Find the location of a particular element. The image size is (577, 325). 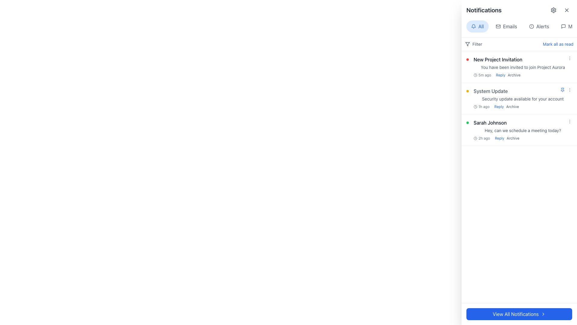

the text element that reads 'Hey, can we schedule a meeting today?', which is styled in a smaller gray font and positioned under 'Sarah Johnson' and above the interaction options is located at coordinates (522, 130).